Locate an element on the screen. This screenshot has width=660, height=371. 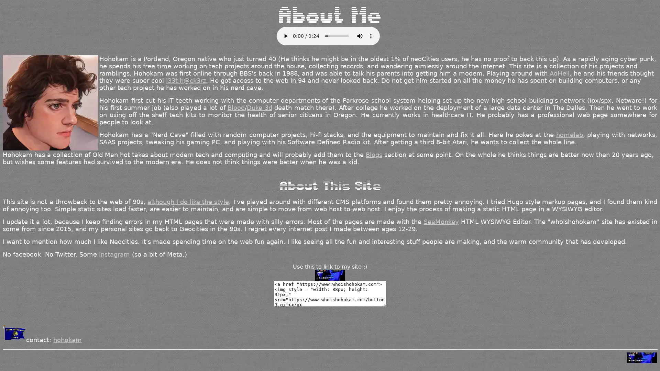
play is located at coordinates (285, 36).